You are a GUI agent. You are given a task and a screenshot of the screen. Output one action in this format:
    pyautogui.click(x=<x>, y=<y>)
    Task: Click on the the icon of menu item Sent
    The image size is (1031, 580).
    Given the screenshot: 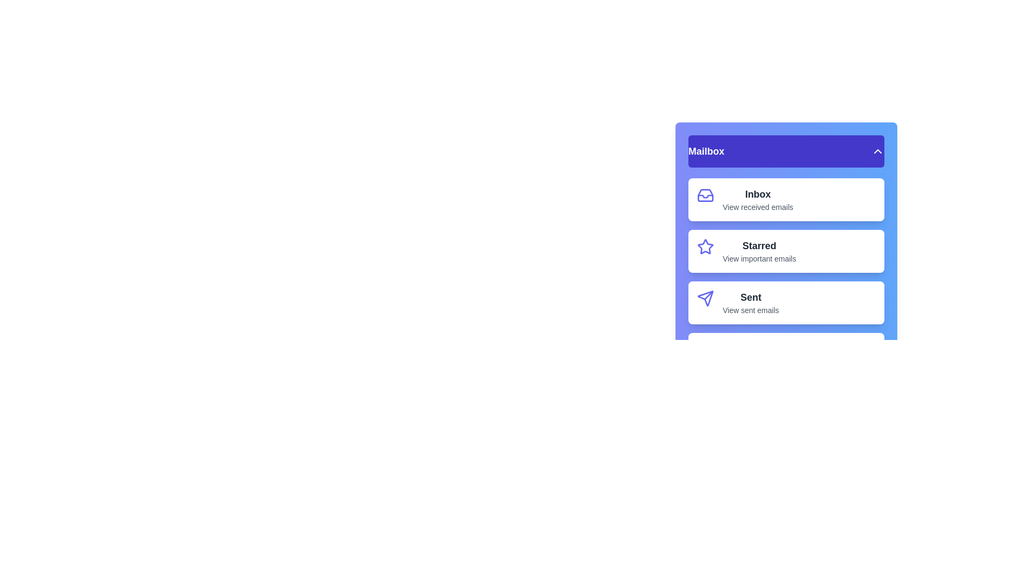 What is the action you would take?
    pyautogui.click(x=706, y=298)
    